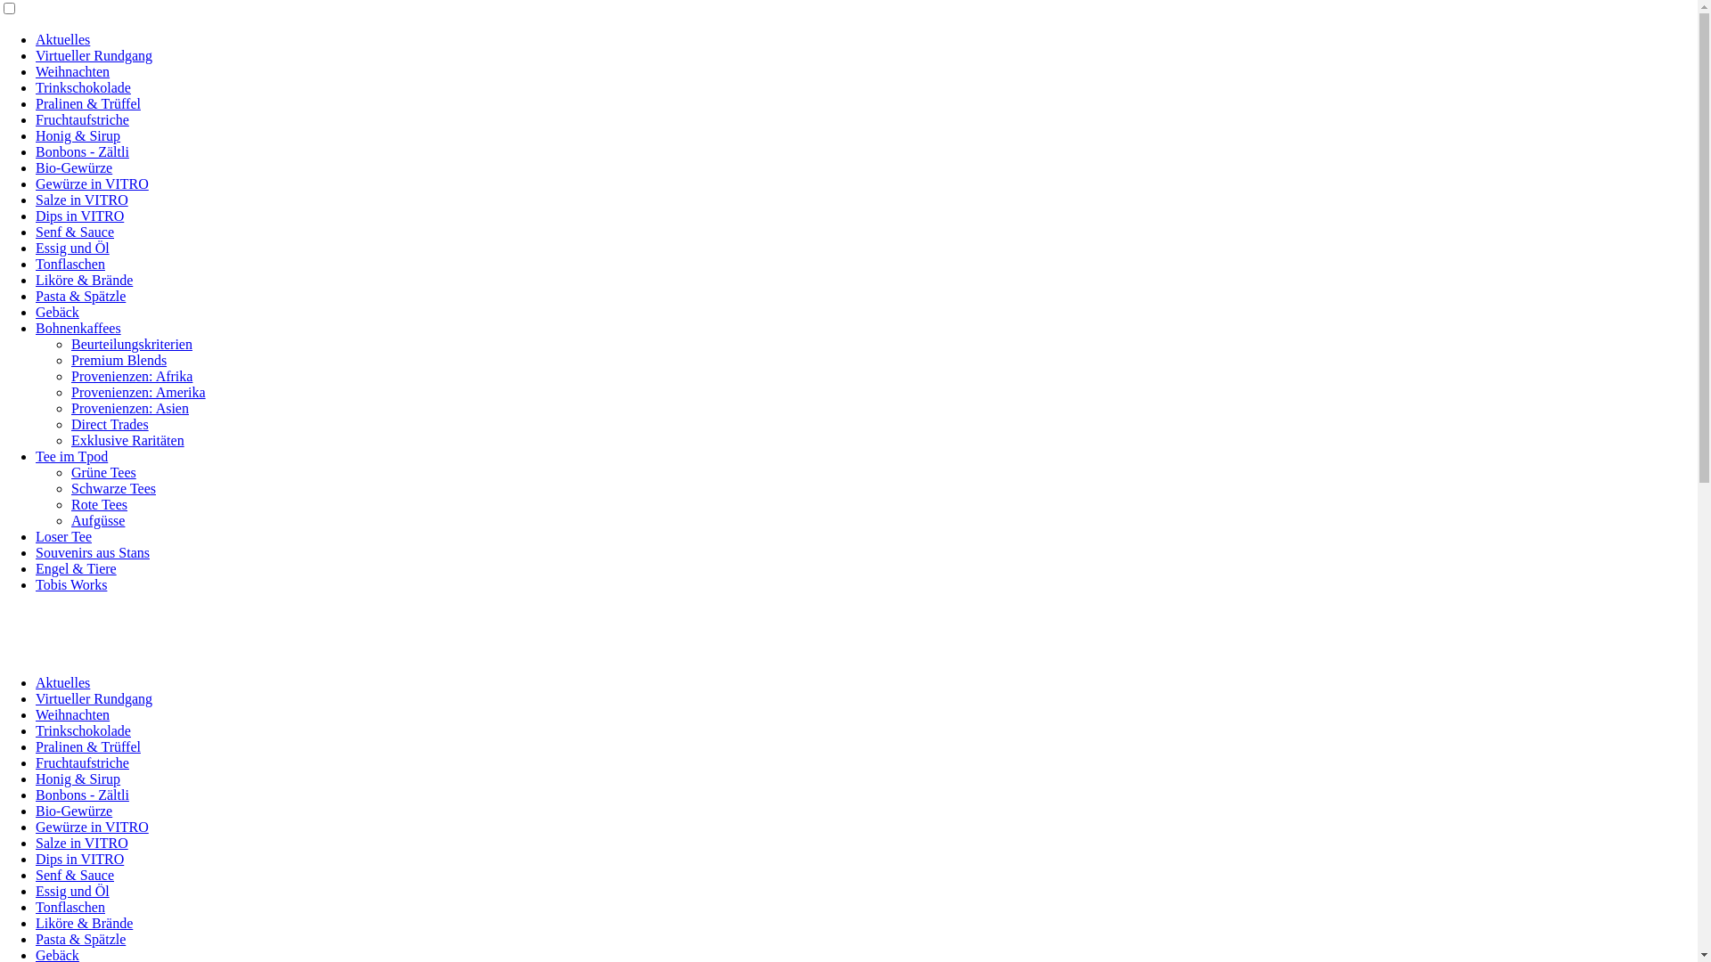 The height and width of the screenshot is (962, 1711). What do you see at coordinates (70, 907) in the screenshot?
I see `'Tonflaschen'` at bounding box center [70, 907].